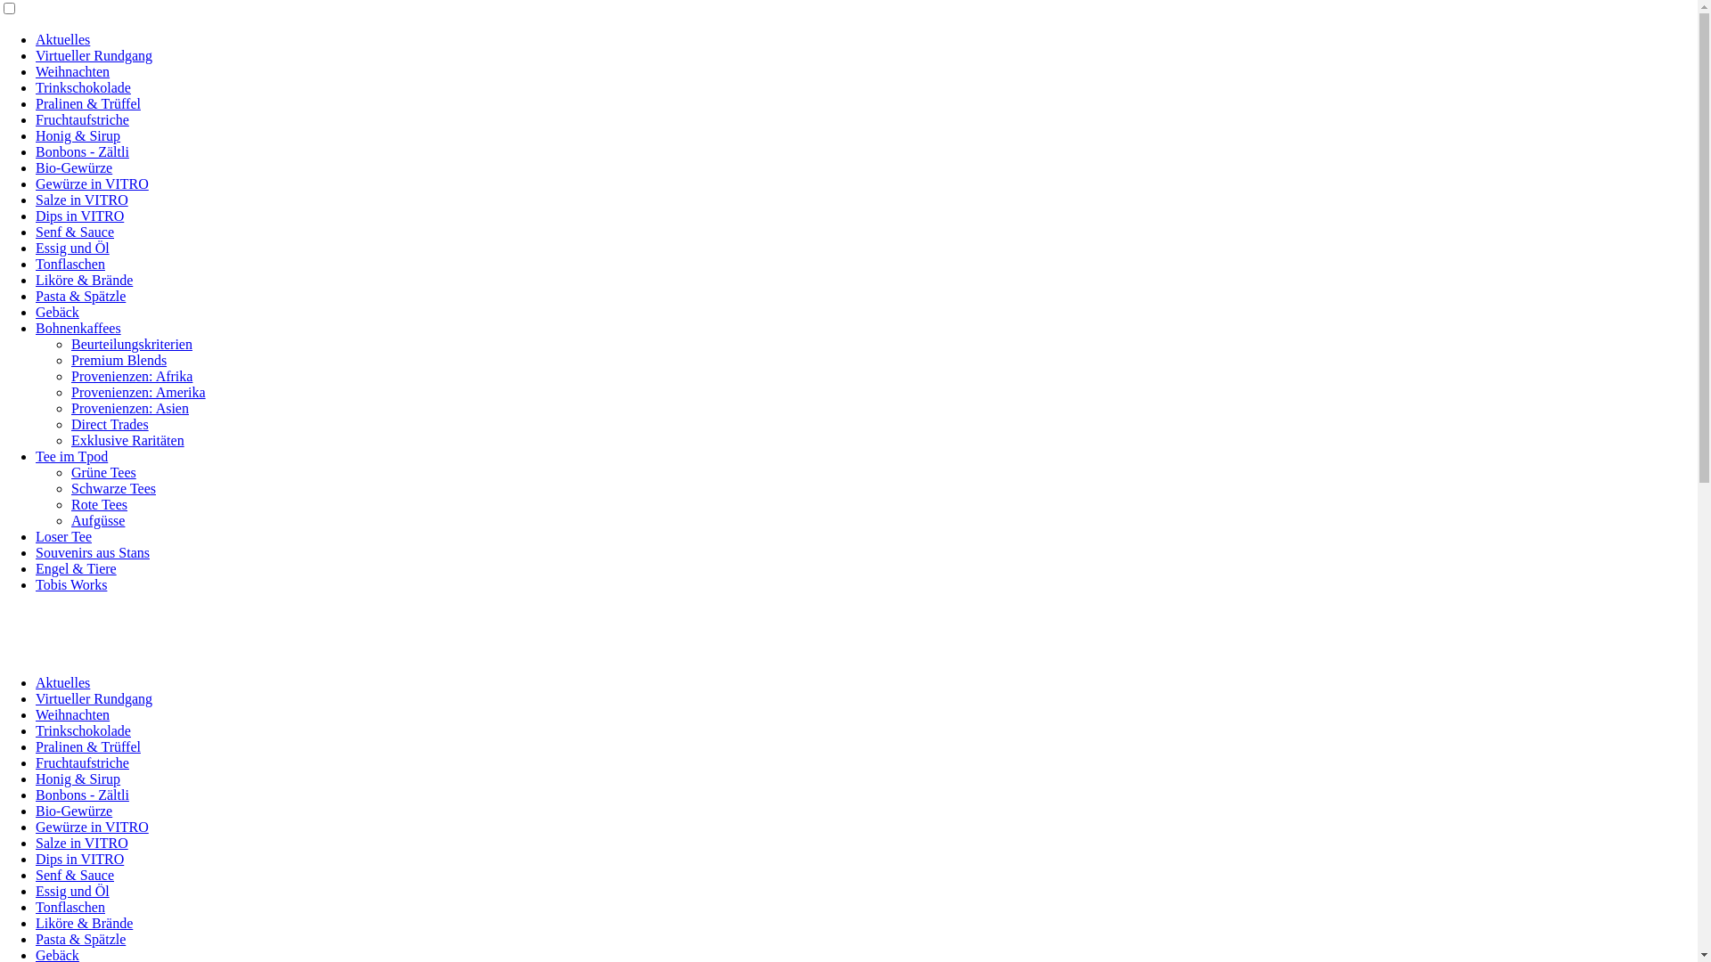 The height and width of the screenshot is (962, 1711). What do you see at coordinates (70, 907) in the screenshot?
I see `'Tonflaschen'` at bounding box center [70, 907].